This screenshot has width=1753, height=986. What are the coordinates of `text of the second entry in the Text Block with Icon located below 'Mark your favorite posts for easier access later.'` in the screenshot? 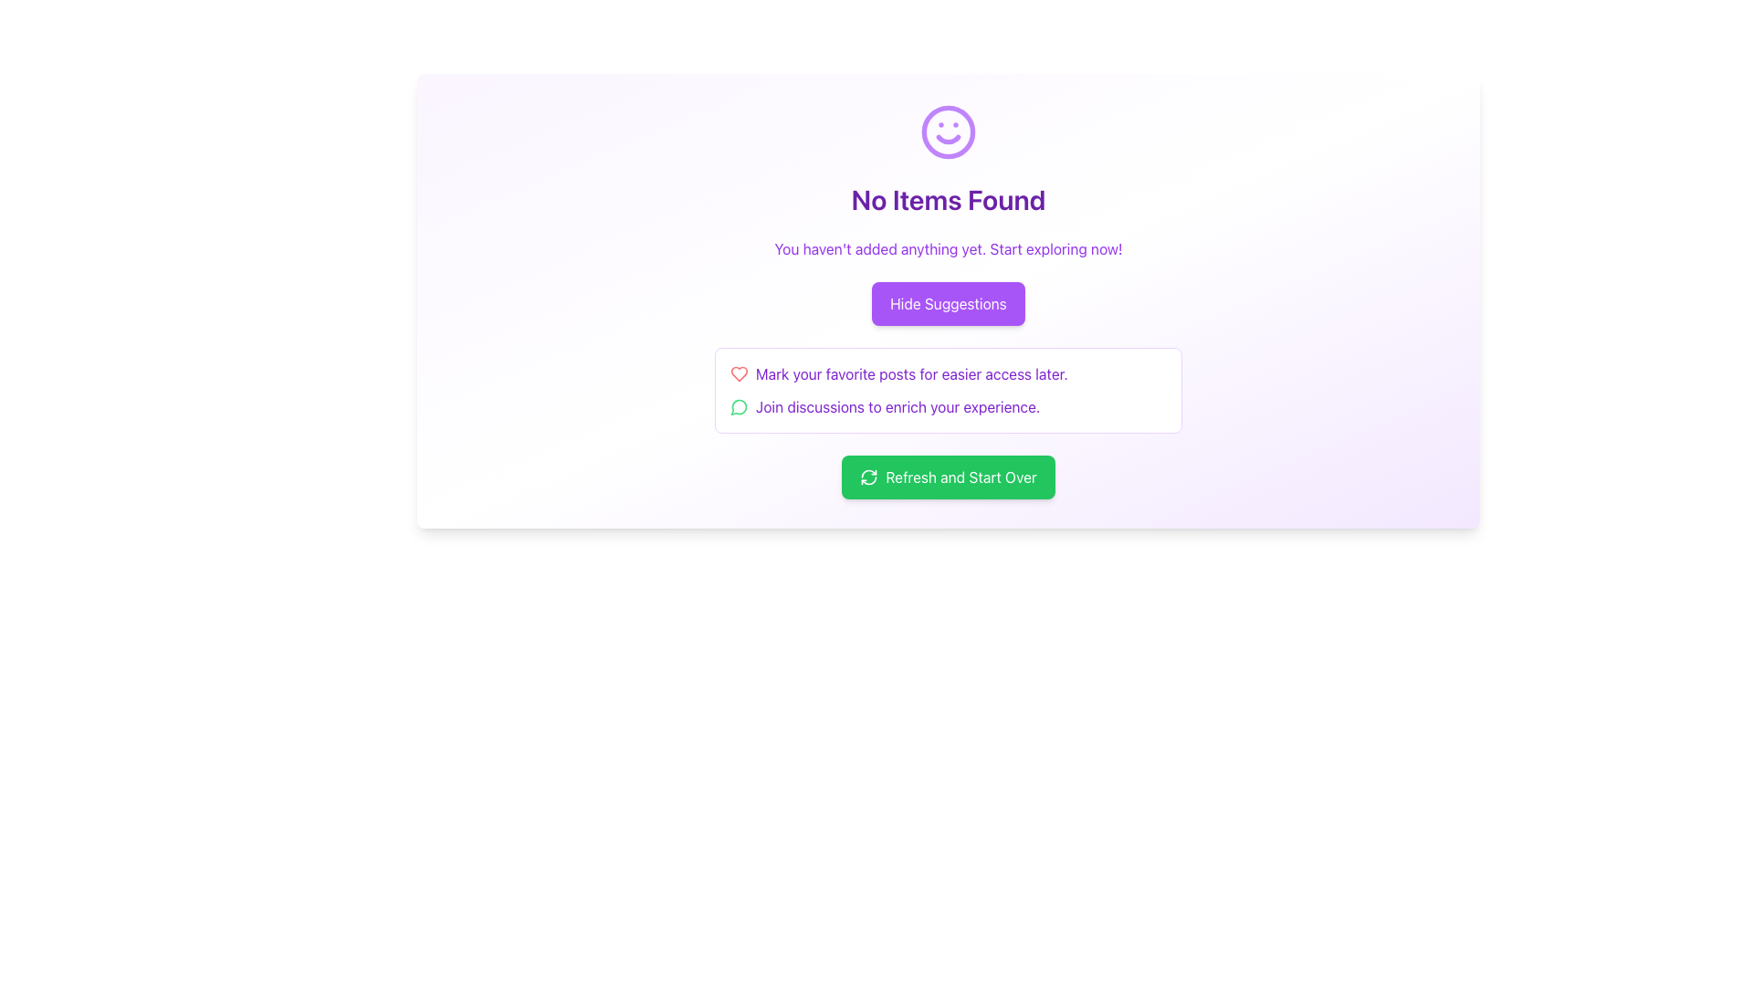 It's located at (948, 406).